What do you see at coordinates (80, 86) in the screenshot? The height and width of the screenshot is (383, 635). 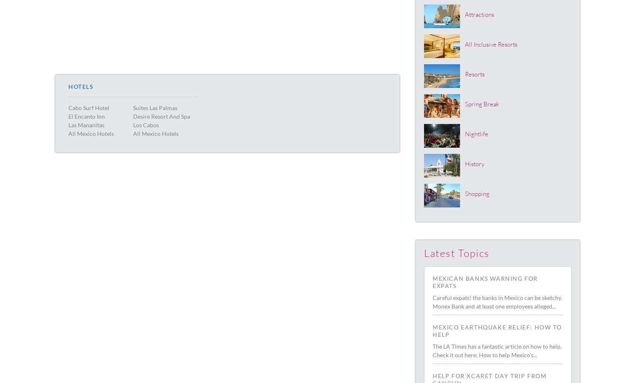 I see `'Hotels'` at bounding box center [80, 86].